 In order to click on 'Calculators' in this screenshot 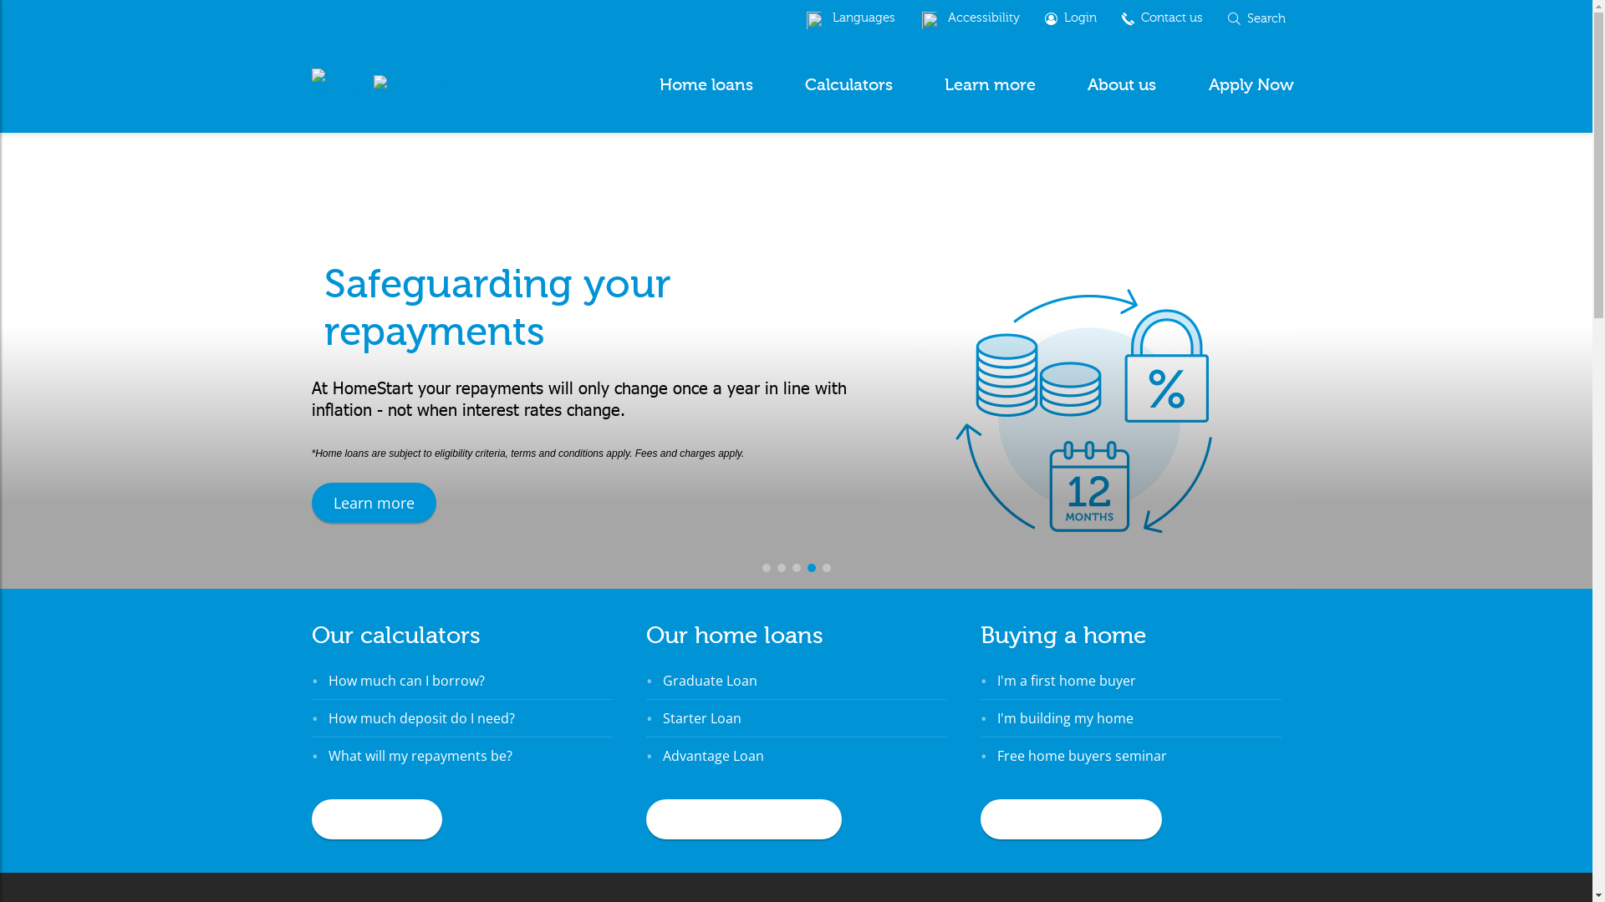, I will do `click(848, 84)`.